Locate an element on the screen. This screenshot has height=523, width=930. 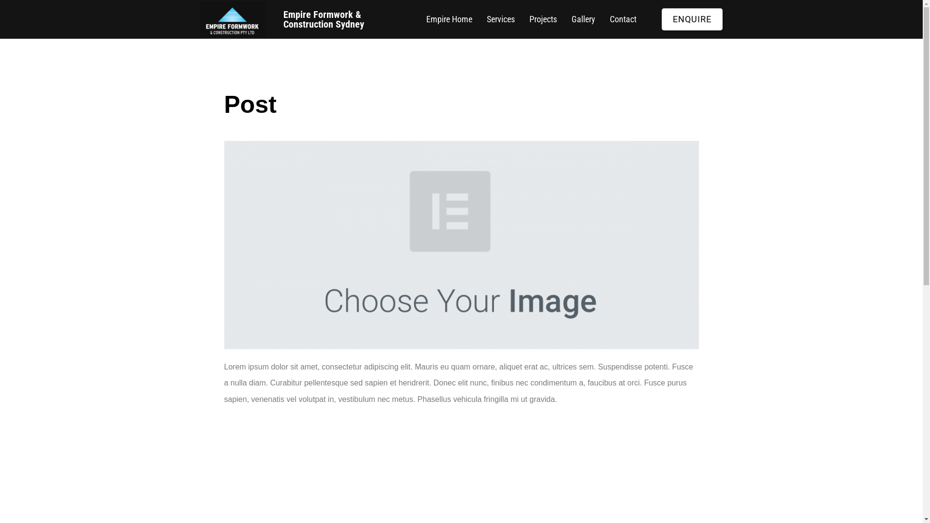
'ENQUIRE' is located at coordinates (692, 19).